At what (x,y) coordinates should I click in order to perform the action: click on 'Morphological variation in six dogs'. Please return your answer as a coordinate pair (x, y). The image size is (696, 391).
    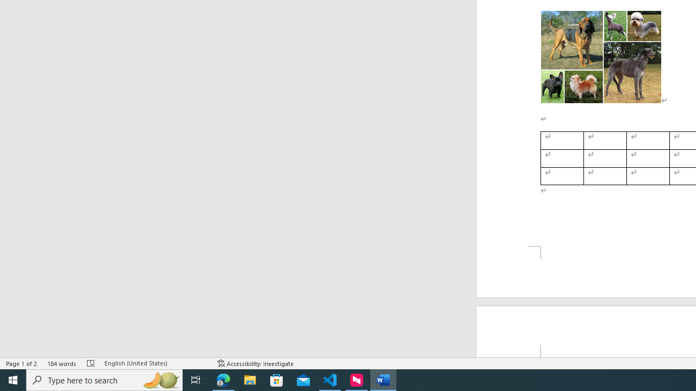
    Looking at the image, I should click on (600, 57).